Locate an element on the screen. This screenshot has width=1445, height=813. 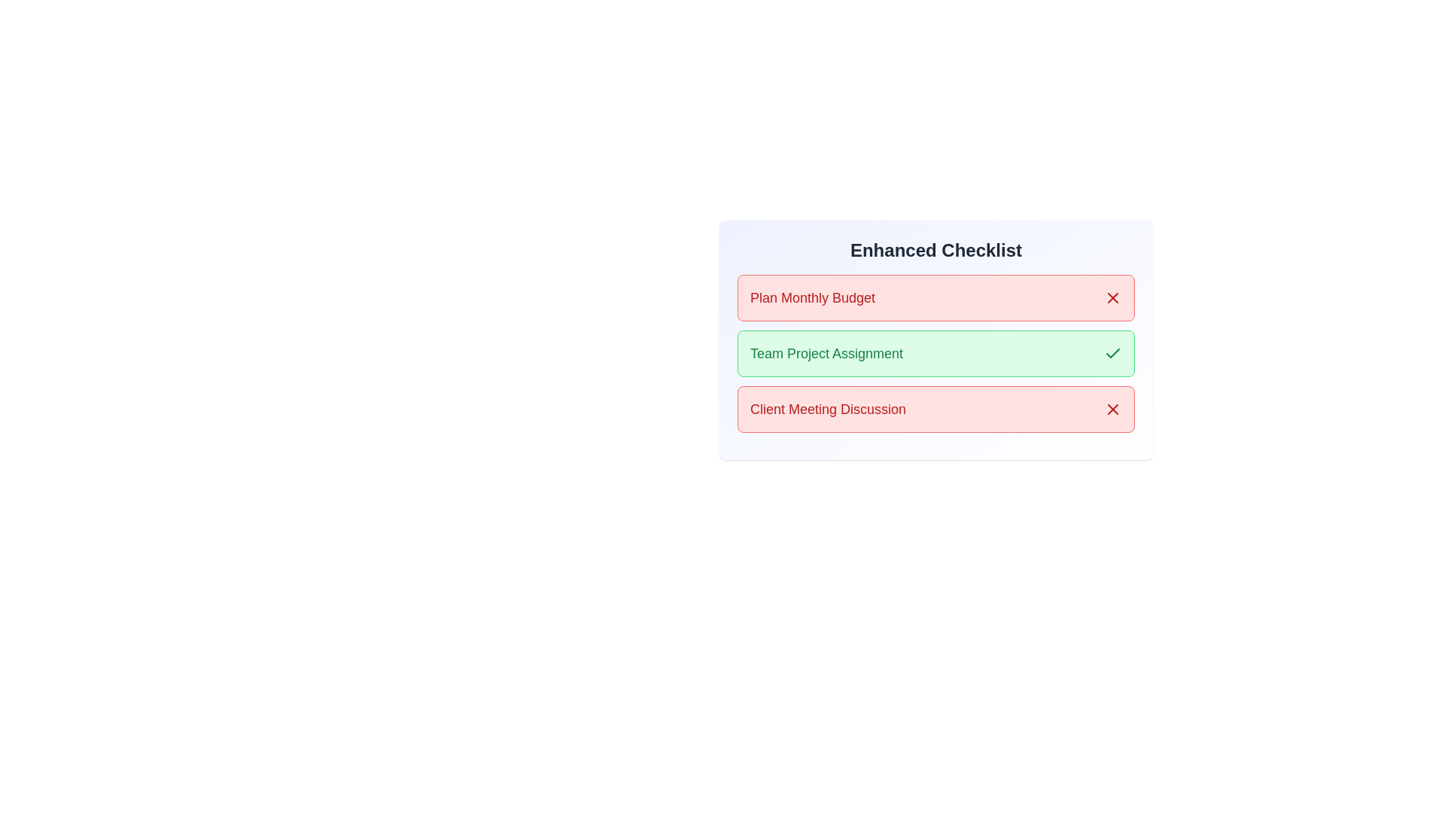
the Icon button for removal or dismissal located to the right of the 'Plan Monthly Budget' entry to provide interaction feedback is located at coordinates (1112, 298).